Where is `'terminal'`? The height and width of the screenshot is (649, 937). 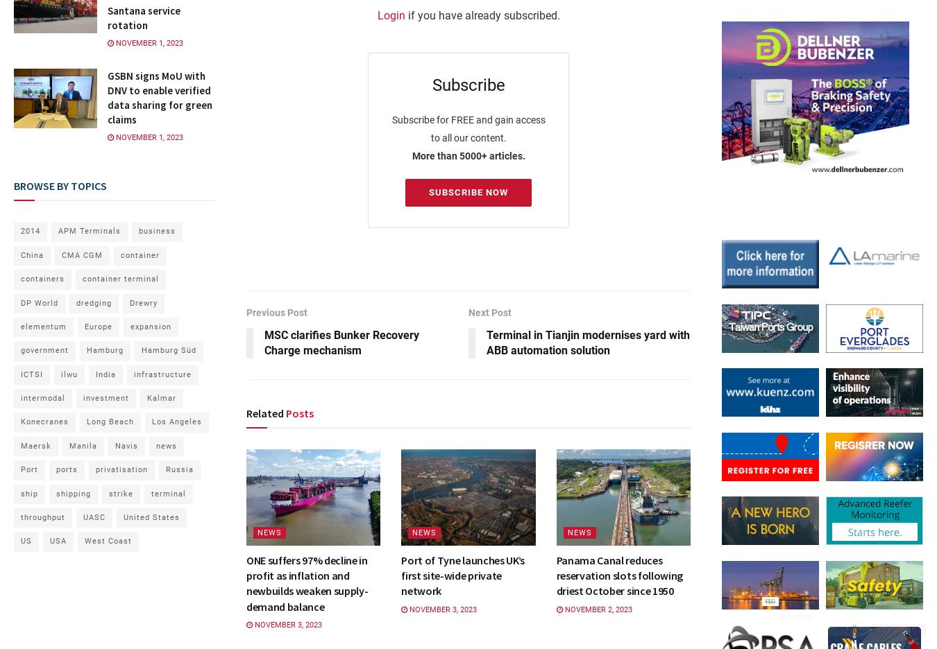 'terminal' is located at coordinates (168, 492).